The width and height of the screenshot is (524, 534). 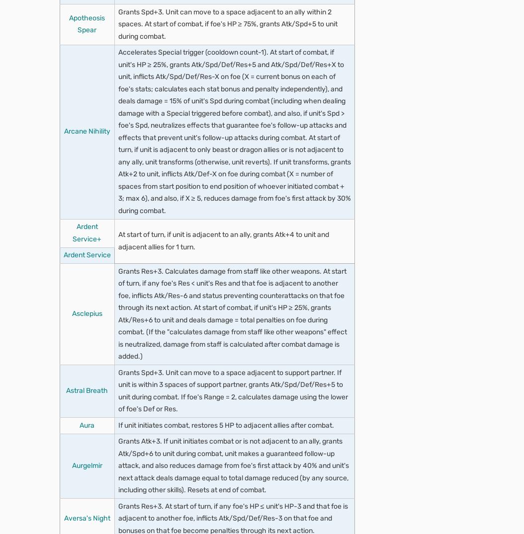 I want to click on 'Odd Spd Wave 3', so click(x=103, y=201).